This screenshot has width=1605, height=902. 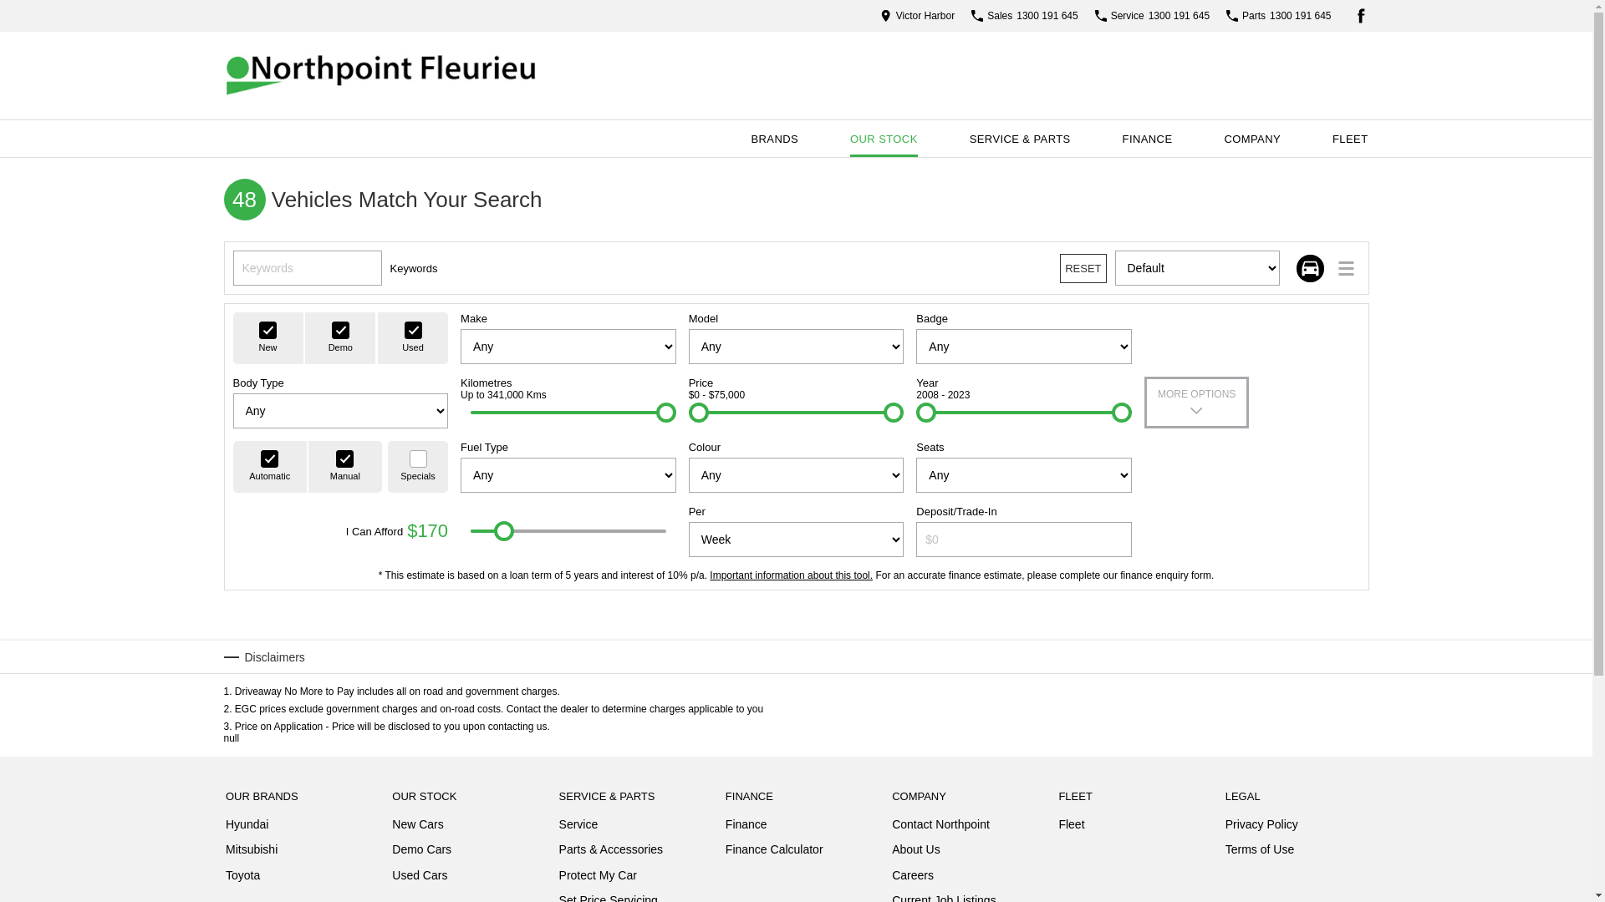 I want to click on 'Sales, so click(x=971, y=15).